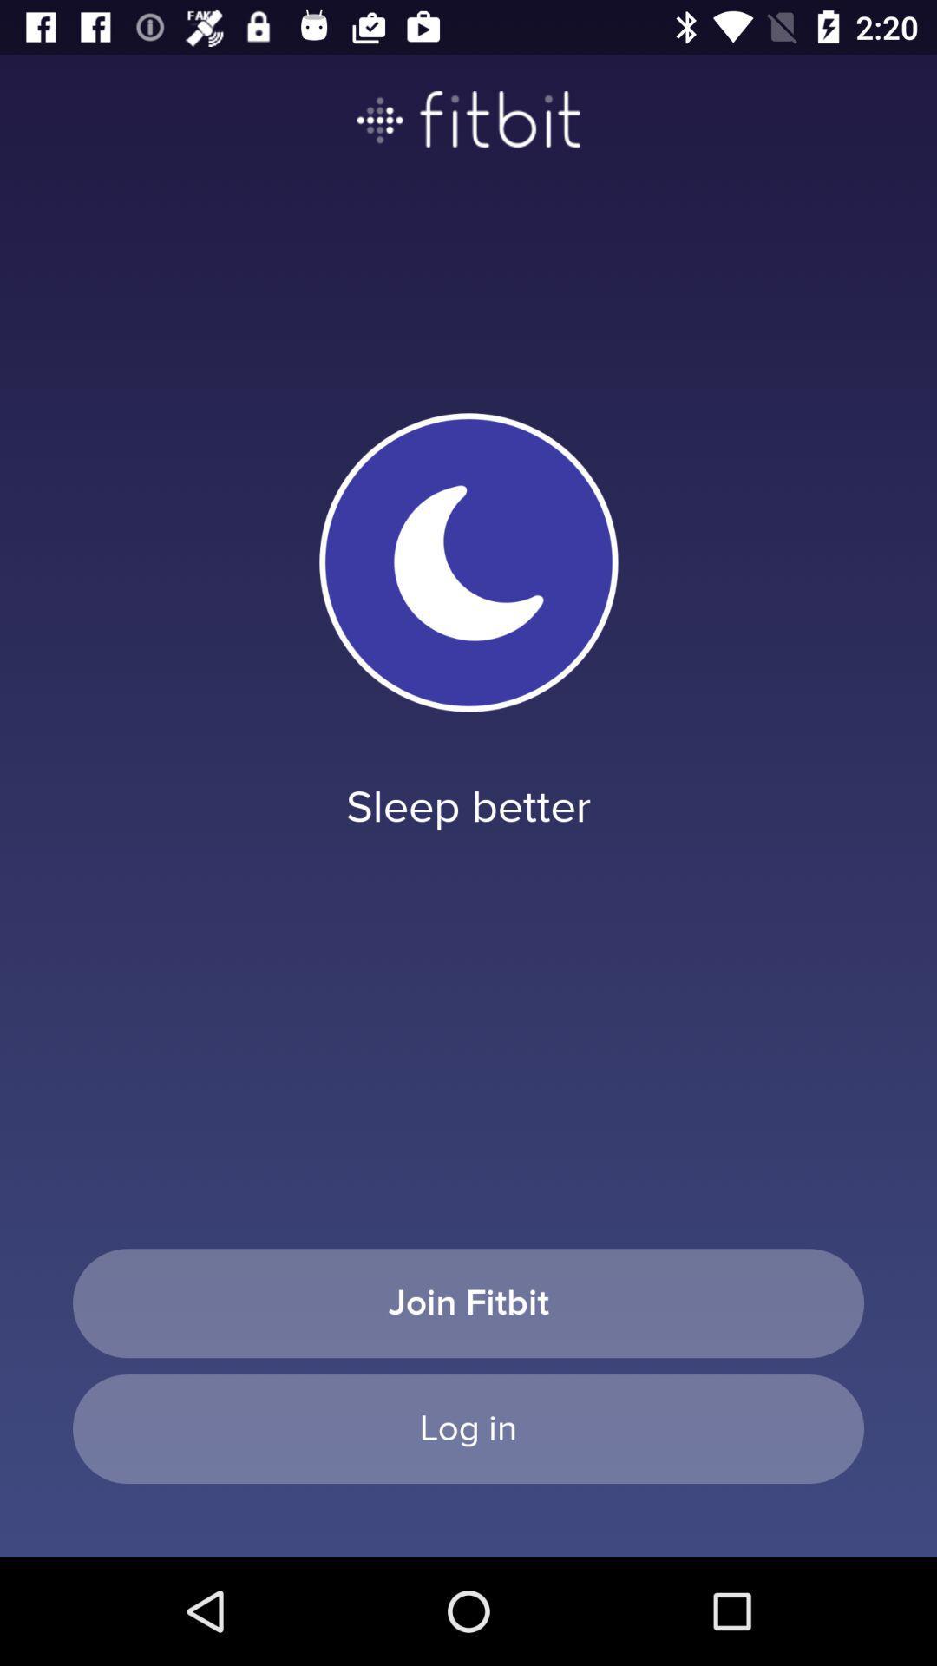 This screenshot has height=1666, width=937. What do you see at coordinates (468, 1428) in the screenshot?
I see `the icon below the join fitbit` at bounding box center [468, 1428].